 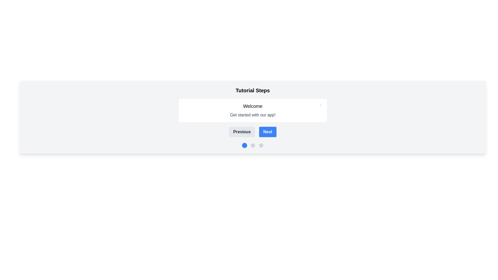 I want to click on the 'Next' button located to the right of the 'Previous' button, so click(x=268, y=132).